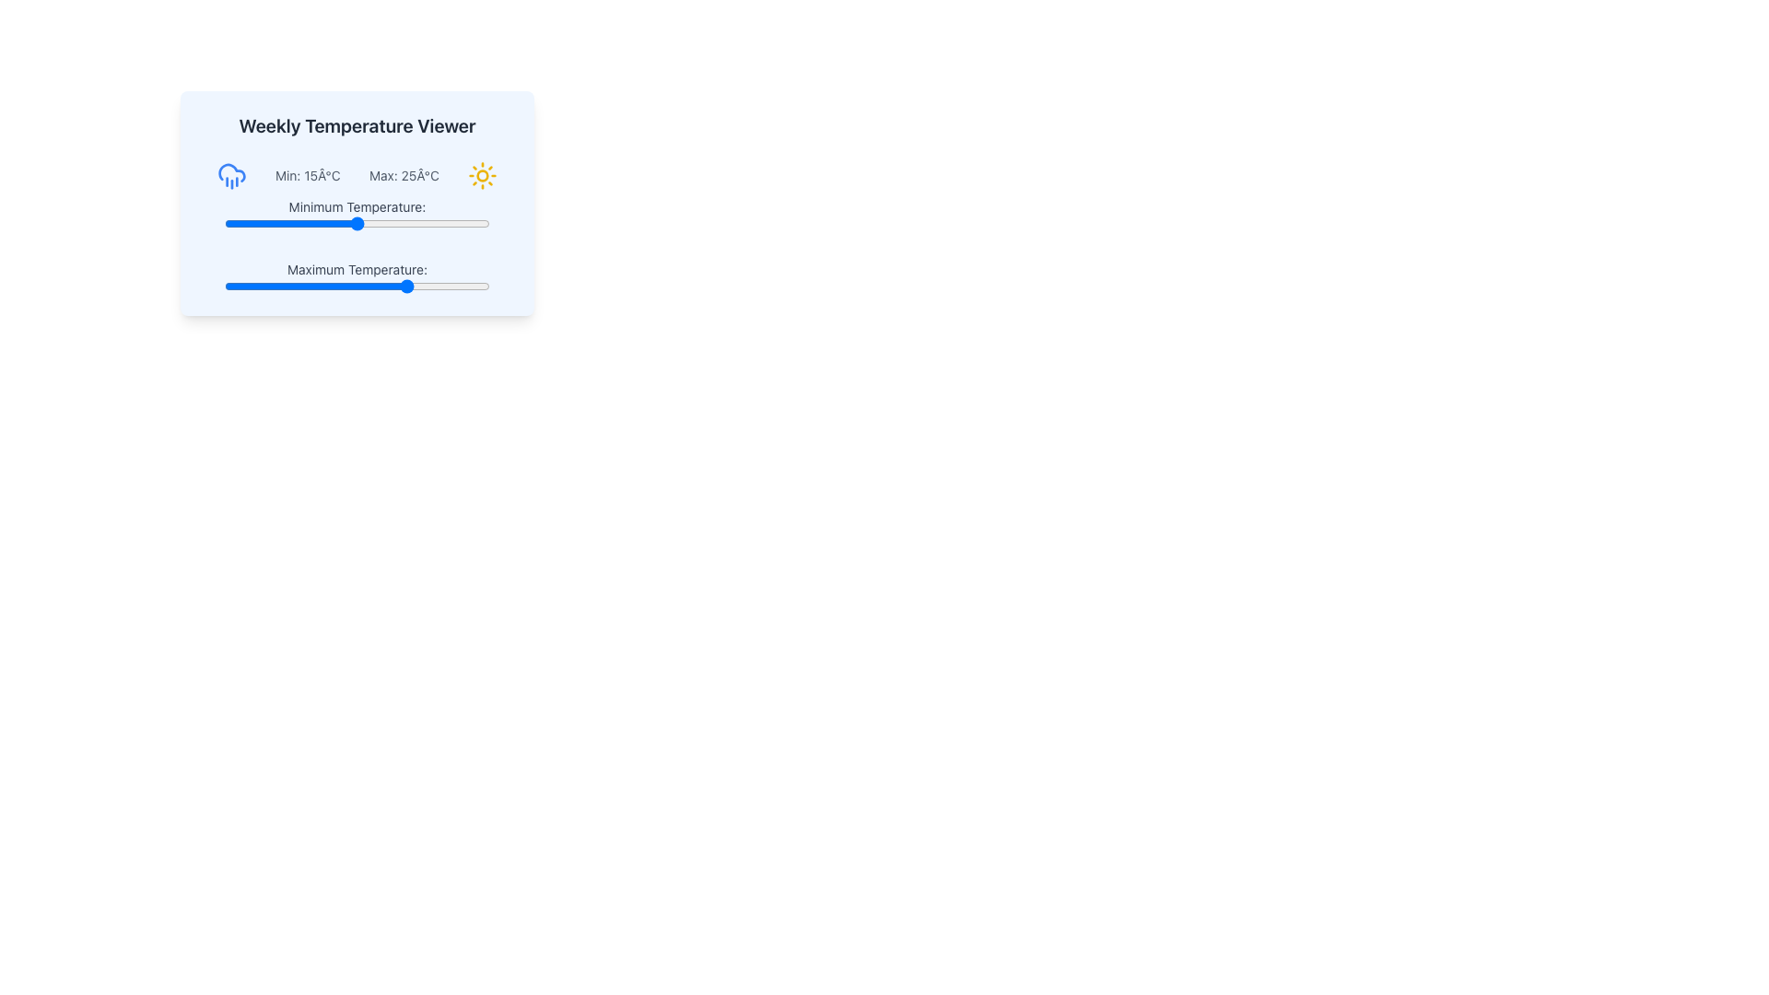 Image resolution: width=1769 pixels, height=995 pixels. What do you see at coordinates (393, 287) in the screenshot?
I see `the maximum temperature` at bounding box center [393, 287].